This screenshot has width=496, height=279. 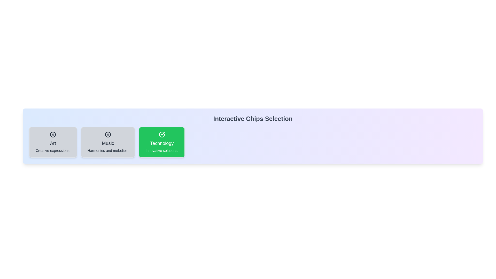 I want to click on the chip labeled 'Music' by clicking on it, so click(x=107, y=142).